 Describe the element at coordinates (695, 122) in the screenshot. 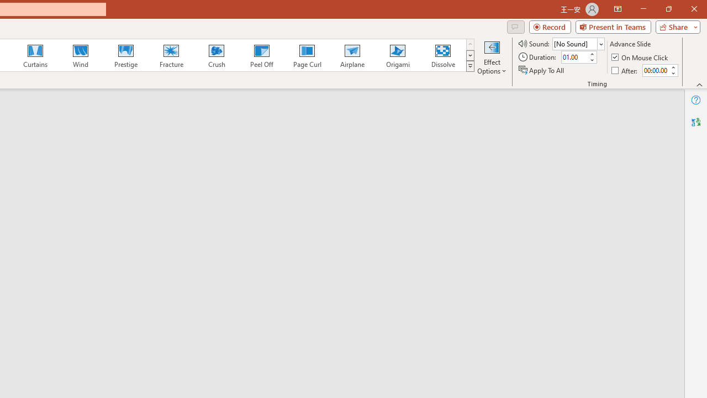

I see `'Translator'` at that location.